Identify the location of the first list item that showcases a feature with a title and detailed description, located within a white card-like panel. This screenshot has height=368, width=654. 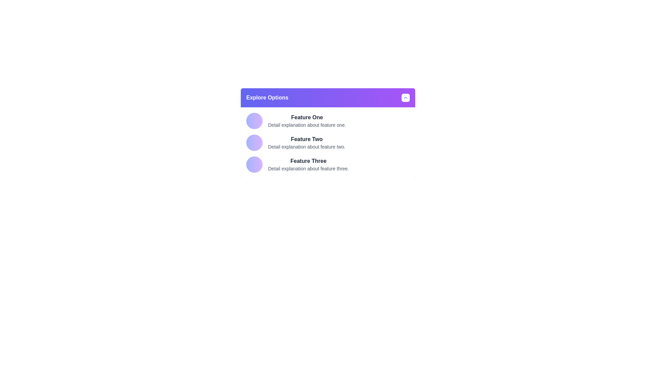
(328, 120).